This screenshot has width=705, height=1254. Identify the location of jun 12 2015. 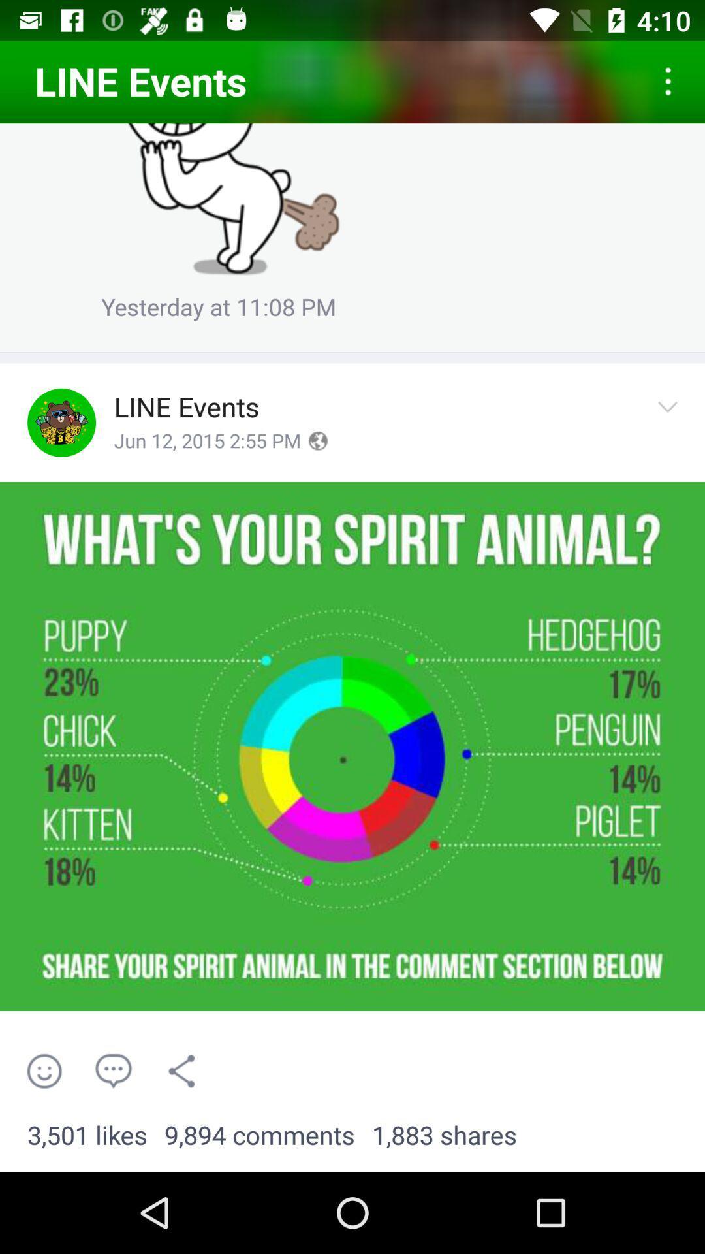
(206, 442).